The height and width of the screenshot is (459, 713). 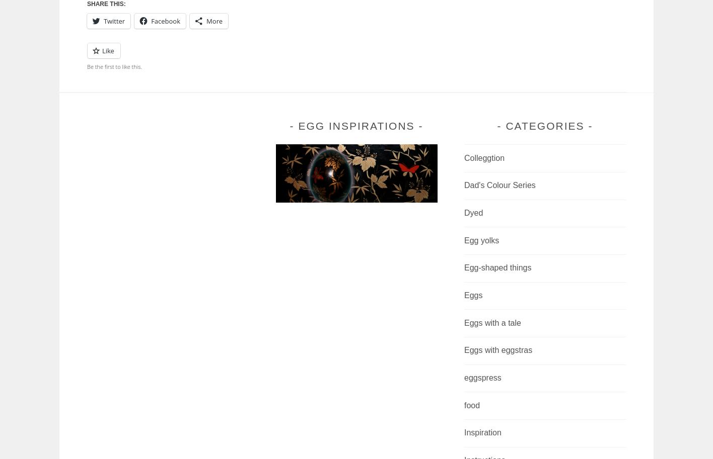 I want to click on 'Facebook', so click(x=165, y=21).